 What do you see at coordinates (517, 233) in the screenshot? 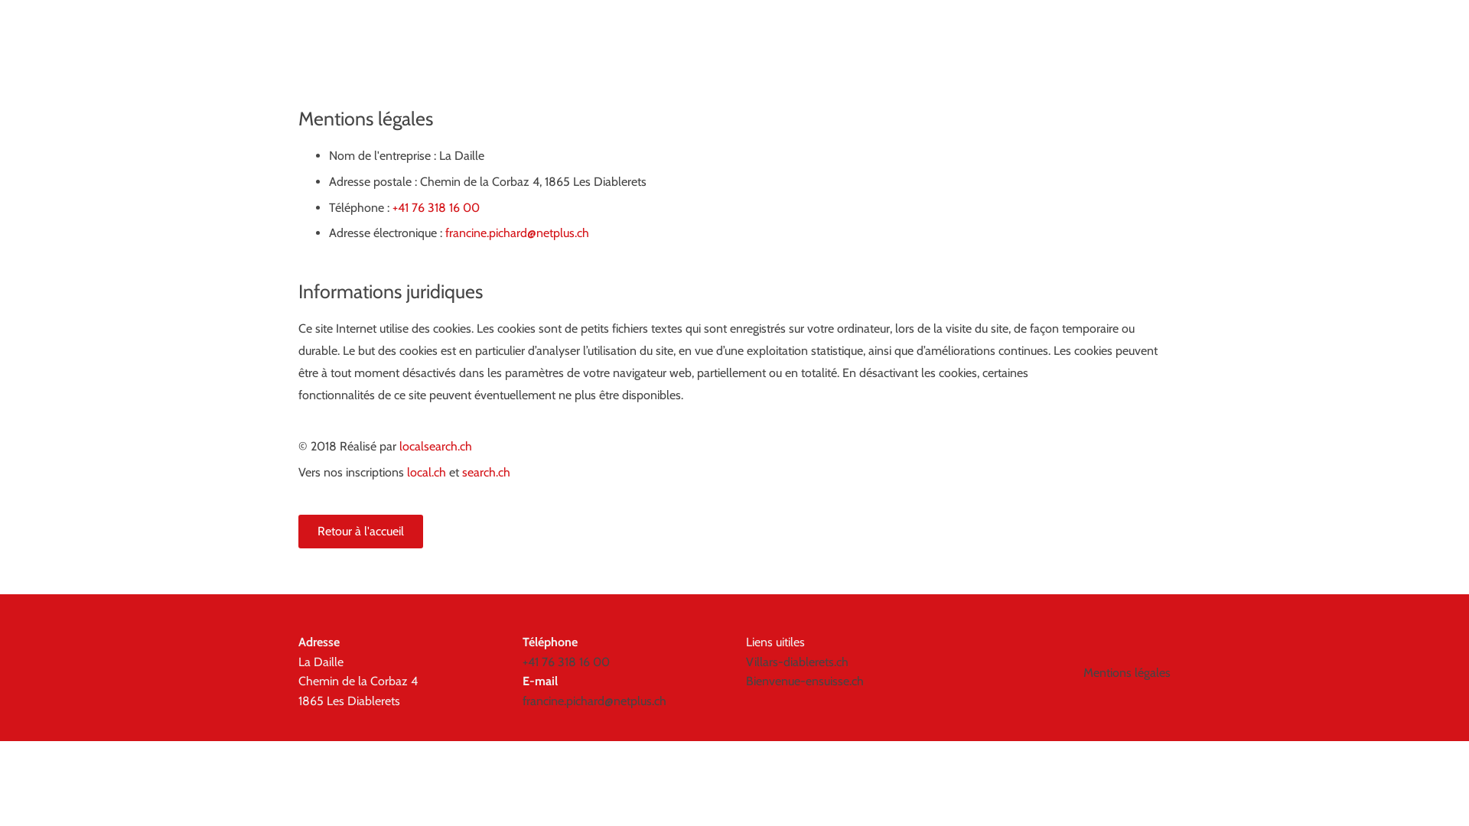
I see `'francine.pichard@netplus.ch'` at bounding box center [517, 233].